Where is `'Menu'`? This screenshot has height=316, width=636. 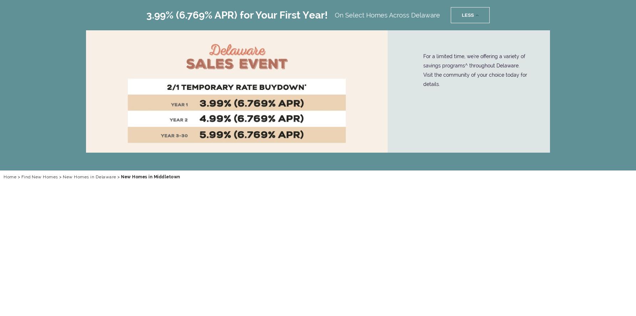 'Menu' is located at coordinates (35, 195).